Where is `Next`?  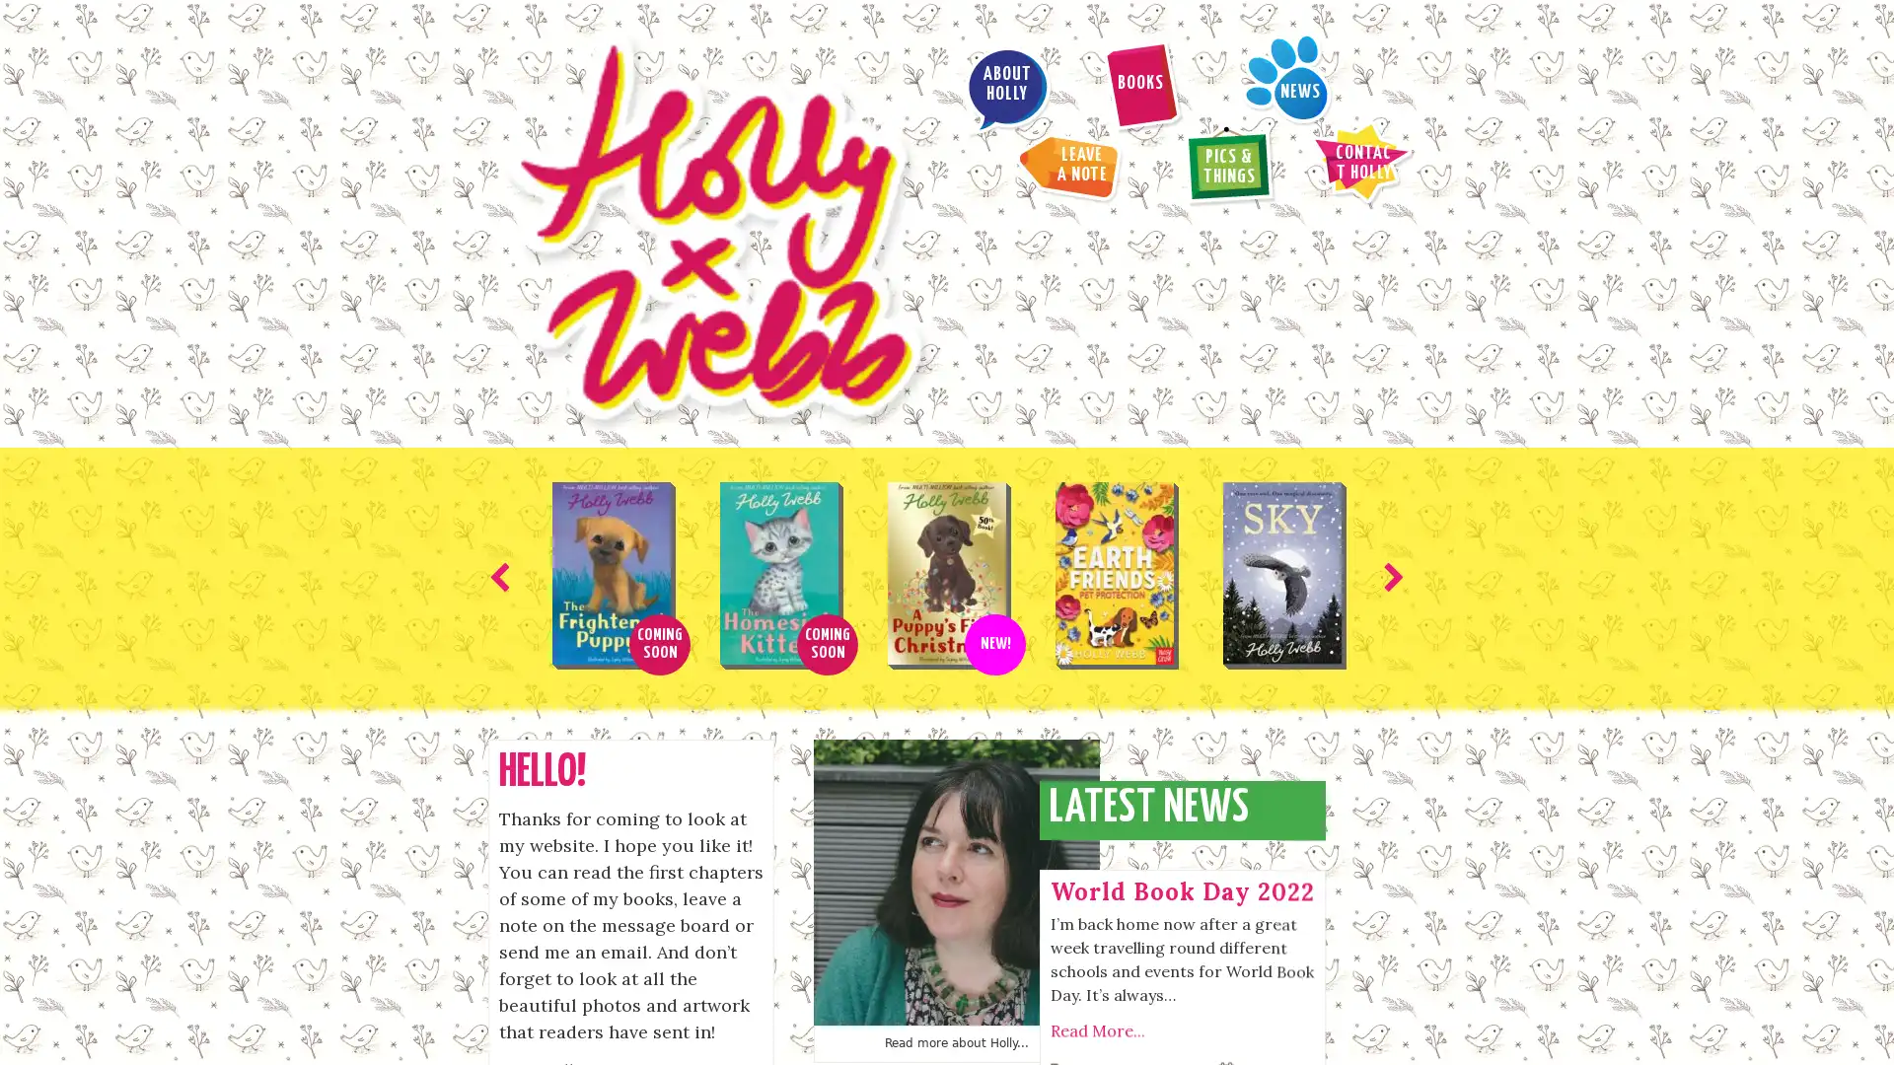
Next is located at coordinates (1060, 1000).